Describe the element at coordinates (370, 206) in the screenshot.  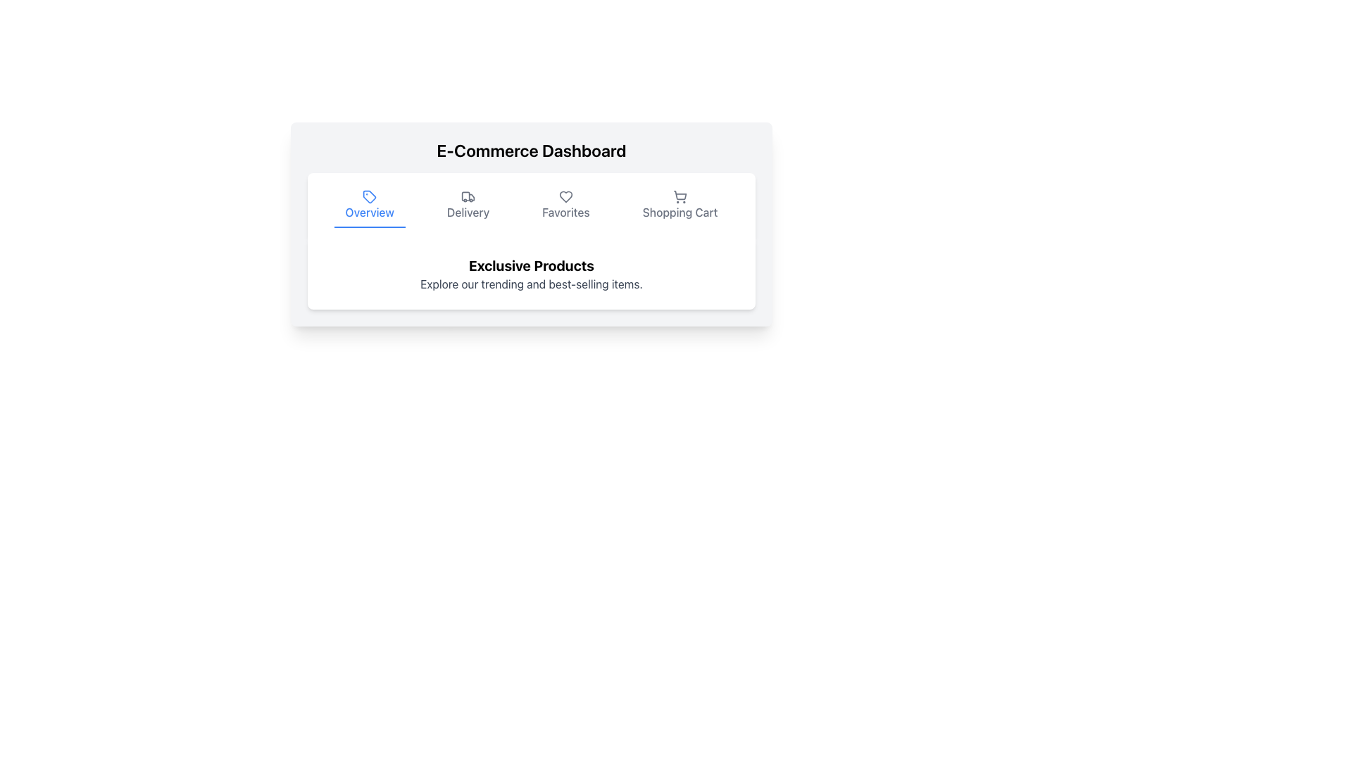
I see `the Interactive navigation button on the far left of the navigation bar` at that location.